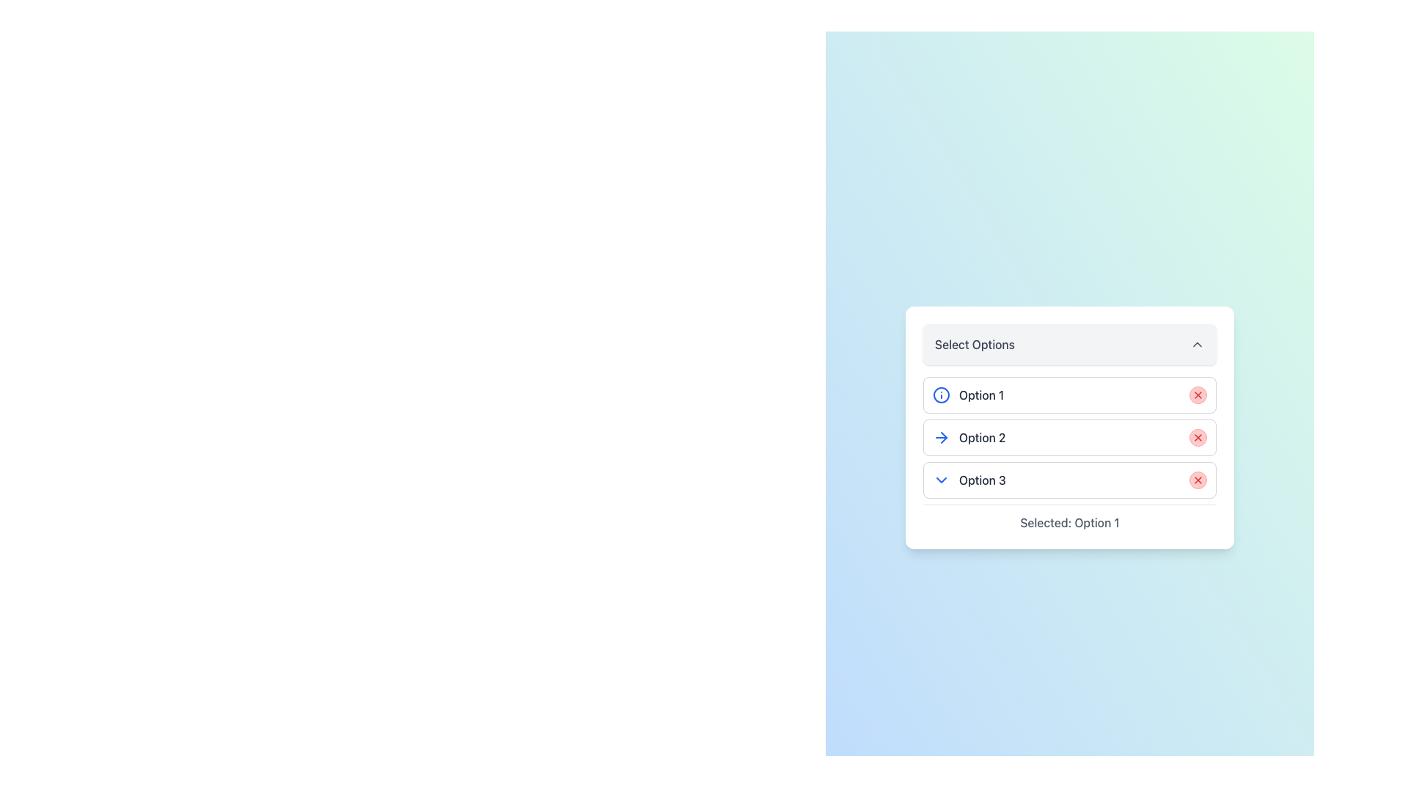 The width and height of the screenshot is (1408, 792). What do you see at coordinates (1197, 344) in the screenshot?
I see `the Dropdown toggle icon, which is a small, downward-pointing chevron icon with a gray outline, located to the right of the 'Select Options' text in a card-like interface` at bounding box center [1197, 344].